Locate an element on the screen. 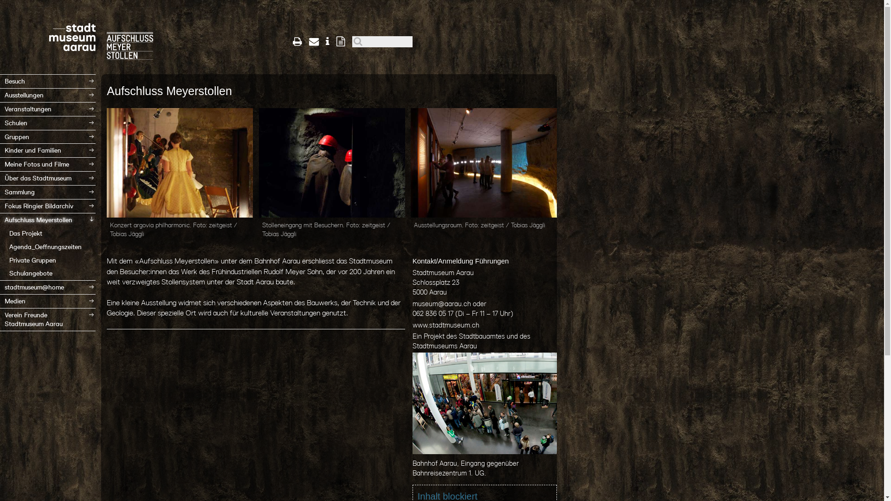 This screenshot has height=501, width=891. 'Meine Fotos und Filme' is located at coordinates (47, 164).